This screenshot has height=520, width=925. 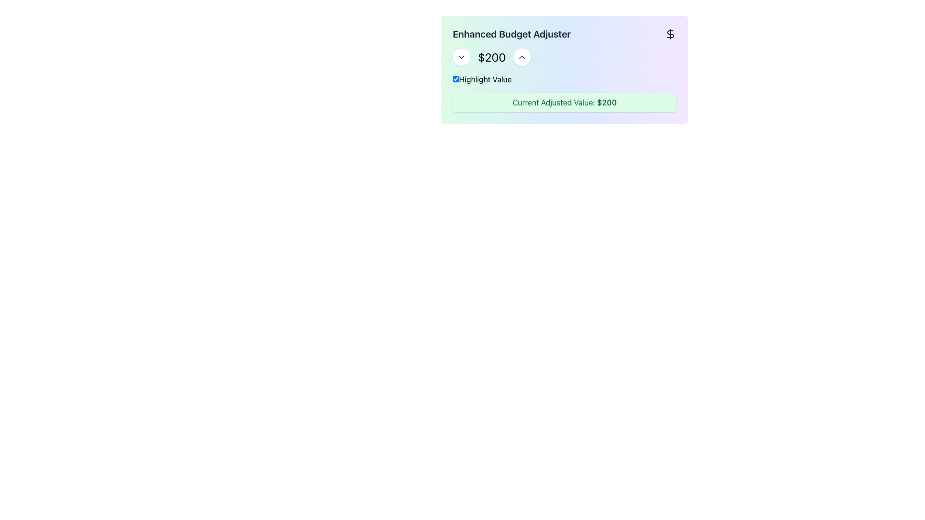 I want to click on the Text Display that visually displays the current monetary value or adjustment amount, centrally positioned between decrement and increment buttons, so click(x=492, y=57).